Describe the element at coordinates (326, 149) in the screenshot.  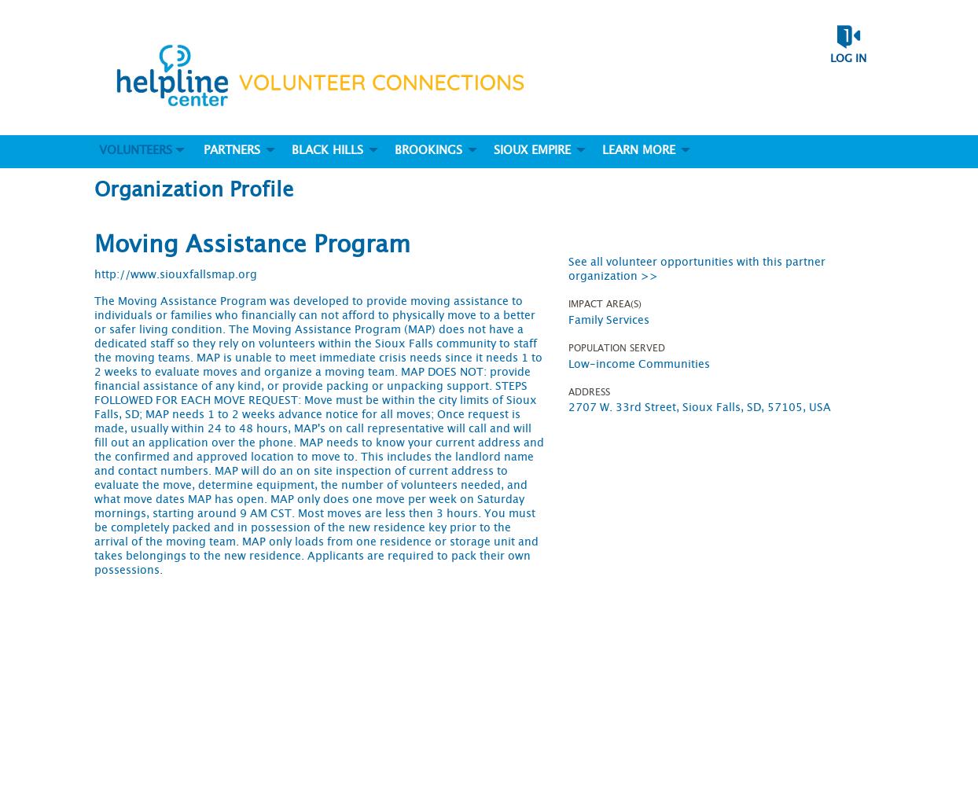
I see `'Black Hills'` at that location.